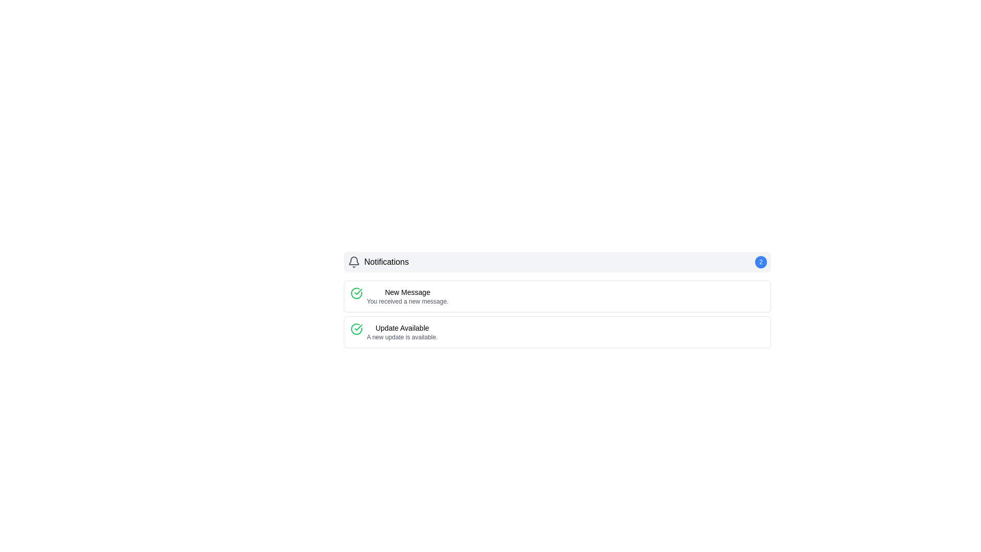 This screenshot has height=552, width=981. Describe the element at coordinates (761, 262) in the screenshot. I see `the notification count badge located near the top-right side of the notification bar, adjacent to the word 'Notifications' and beside the bell icon` at that location.